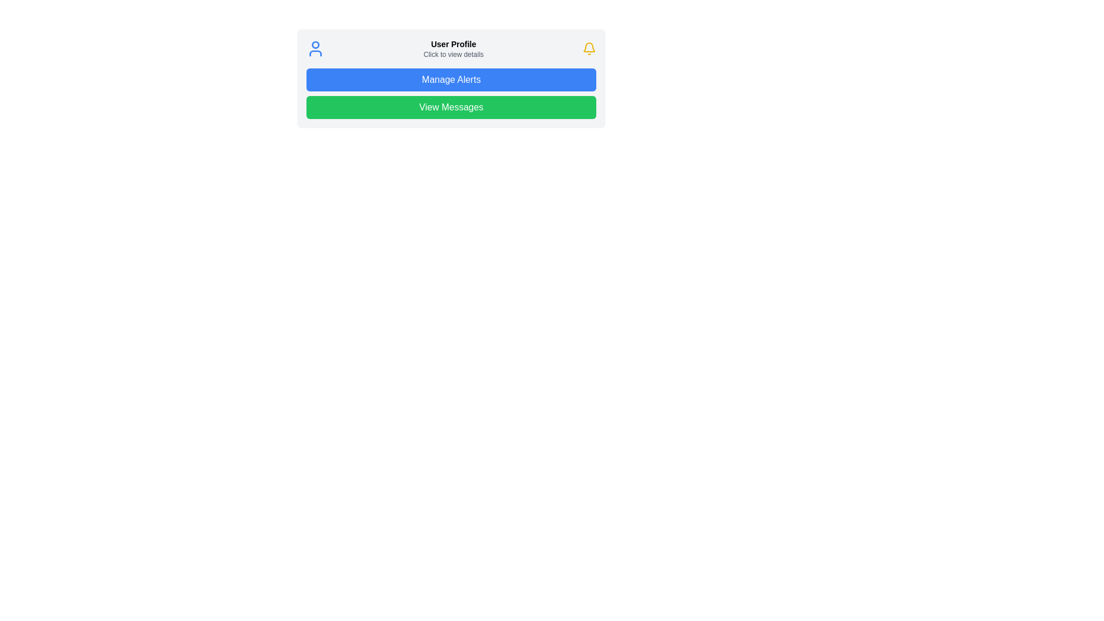 The height and width of the screenshot is (621, 1104). Describe the element at coordinates (453, 48) in the screenshot. I see `the user information section located between the user profile icon and the bell icon` at that location.